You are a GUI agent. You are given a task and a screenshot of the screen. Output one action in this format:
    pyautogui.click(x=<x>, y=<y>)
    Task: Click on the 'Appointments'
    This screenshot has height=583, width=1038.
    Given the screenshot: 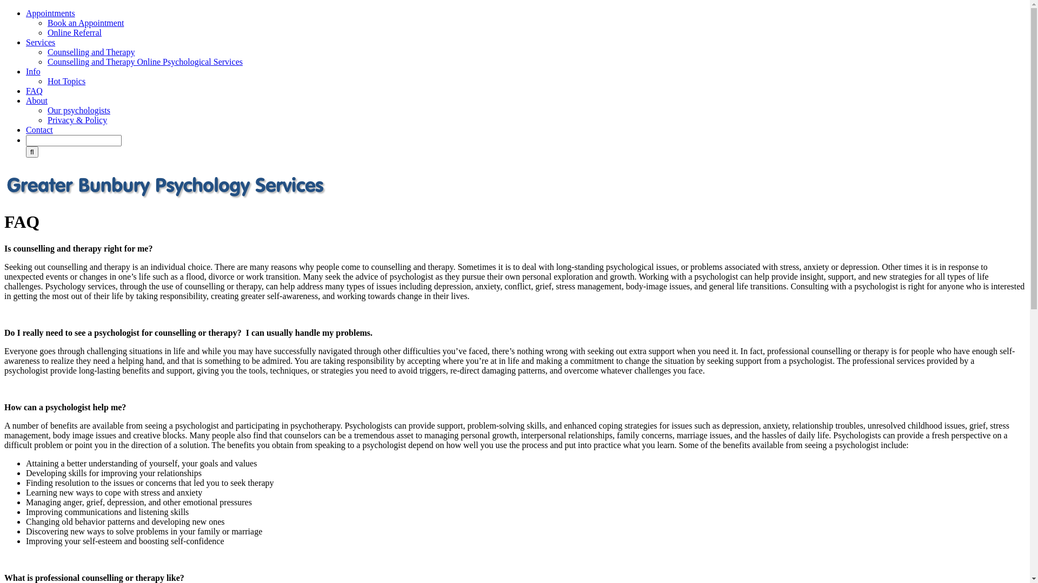 What is the action you would take?
    pyautogui.click(x=50, y=13)
    